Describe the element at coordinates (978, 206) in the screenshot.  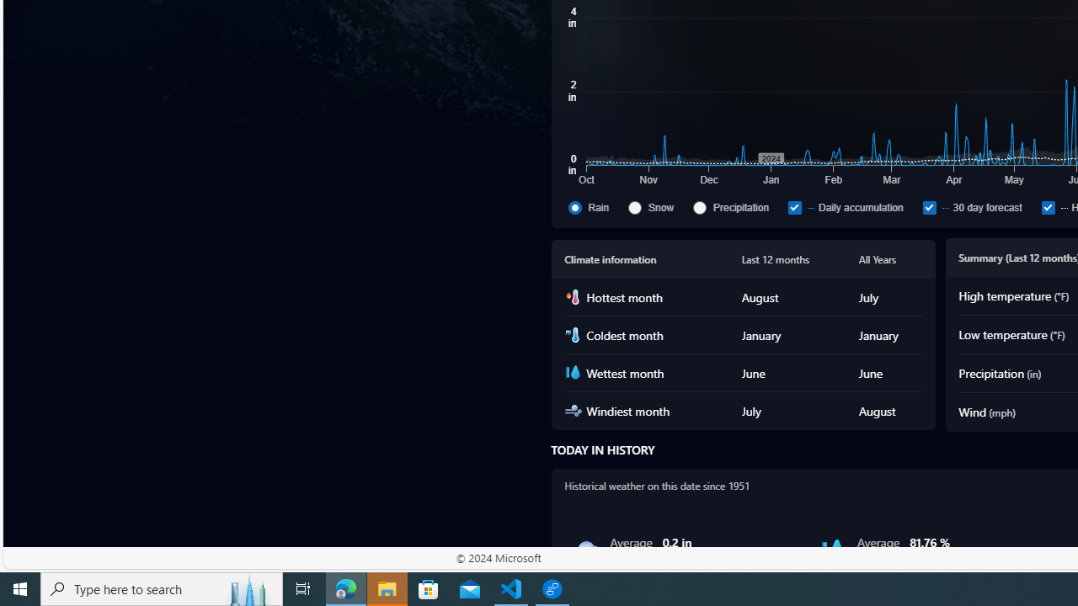
I see `'30 day forecast'` at that location.